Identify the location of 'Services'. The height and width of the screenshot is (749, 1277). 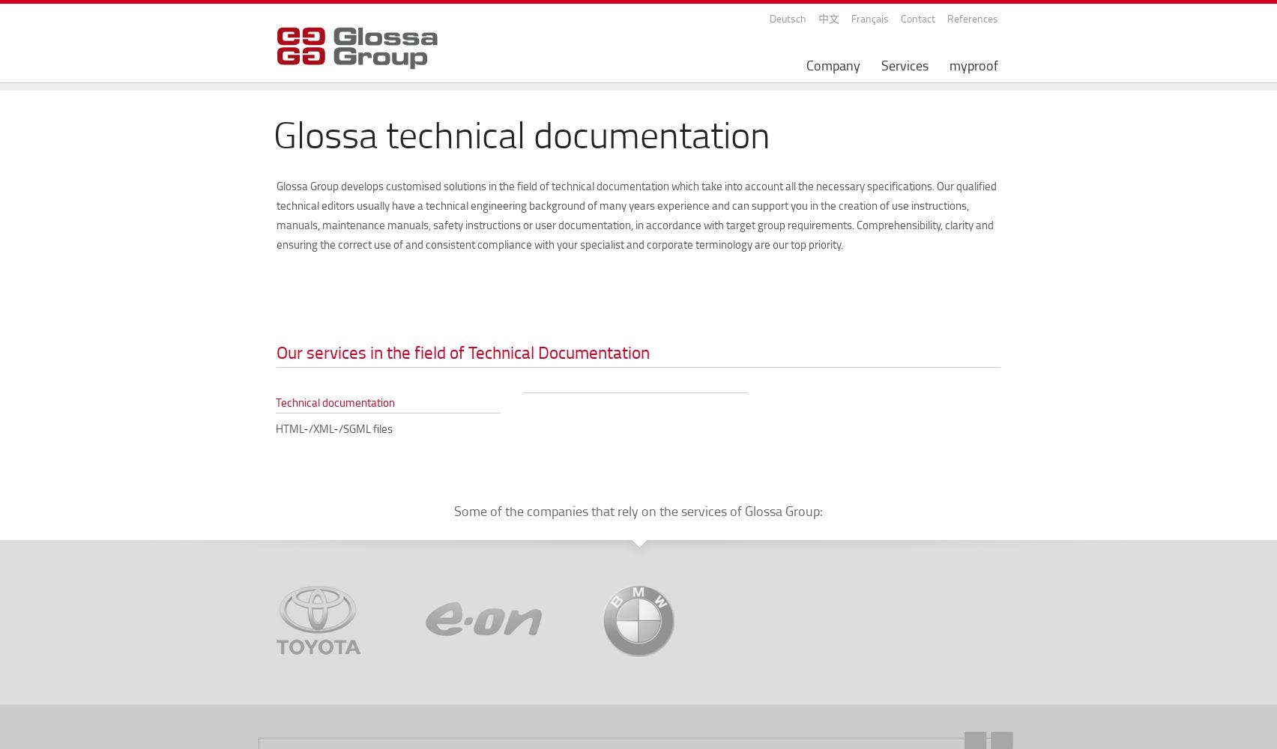
(904, 64).